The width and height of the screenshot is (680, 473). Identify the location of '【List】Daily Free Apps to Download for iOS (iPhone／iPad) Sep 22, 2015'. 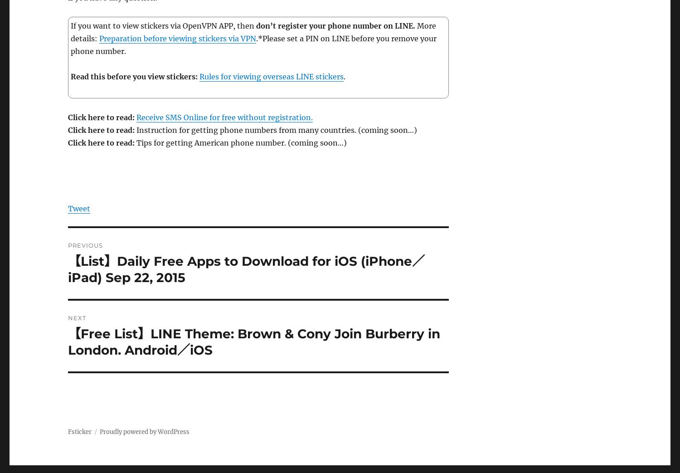
(246, 269).